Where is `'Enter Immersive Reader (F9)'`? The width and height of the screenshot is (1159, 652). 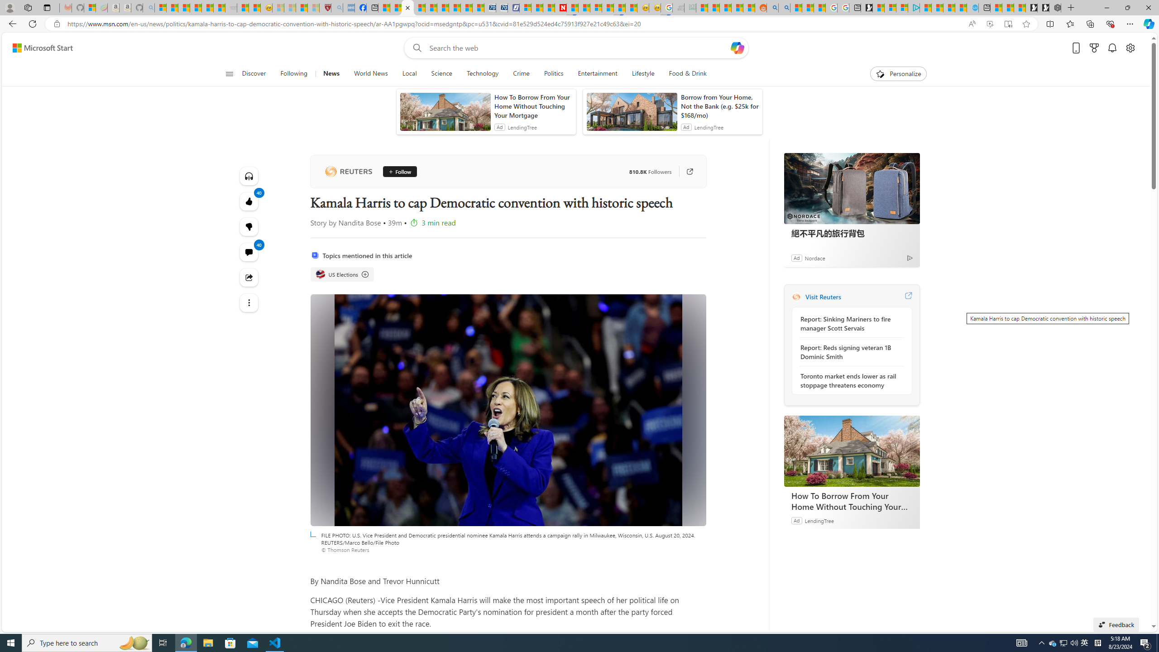 'Enter Immersive Reader (F9)' is located at coordinates (1008, 24).